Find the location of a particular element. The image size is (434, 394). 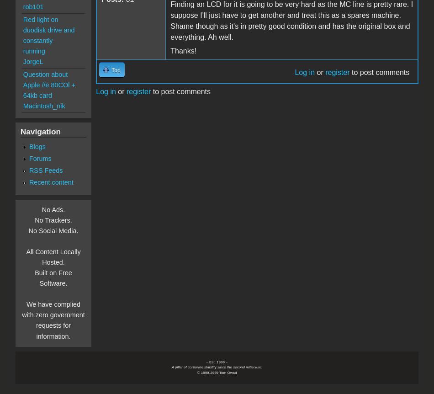

'Recent content' is located at coordinates (51, 182).